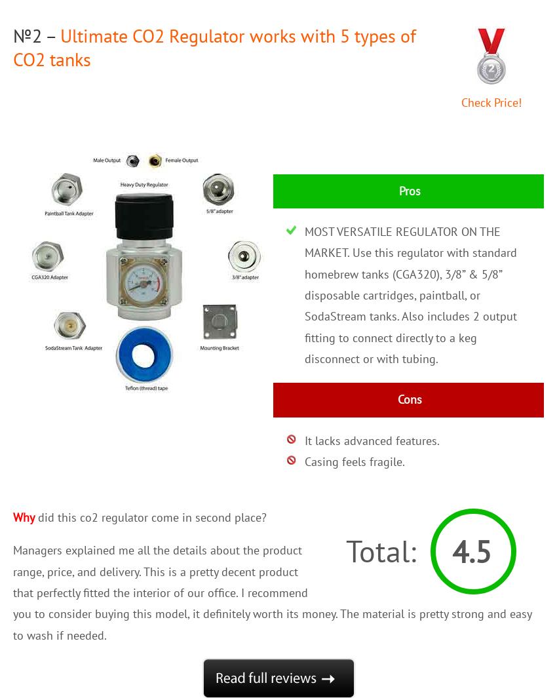 The height and width of the screenshot is (698, 557). What do you see at coordinates (353, 461) in the screenshot?
I see `'Casing feels fragile.'` at bounding box center [353, 461].